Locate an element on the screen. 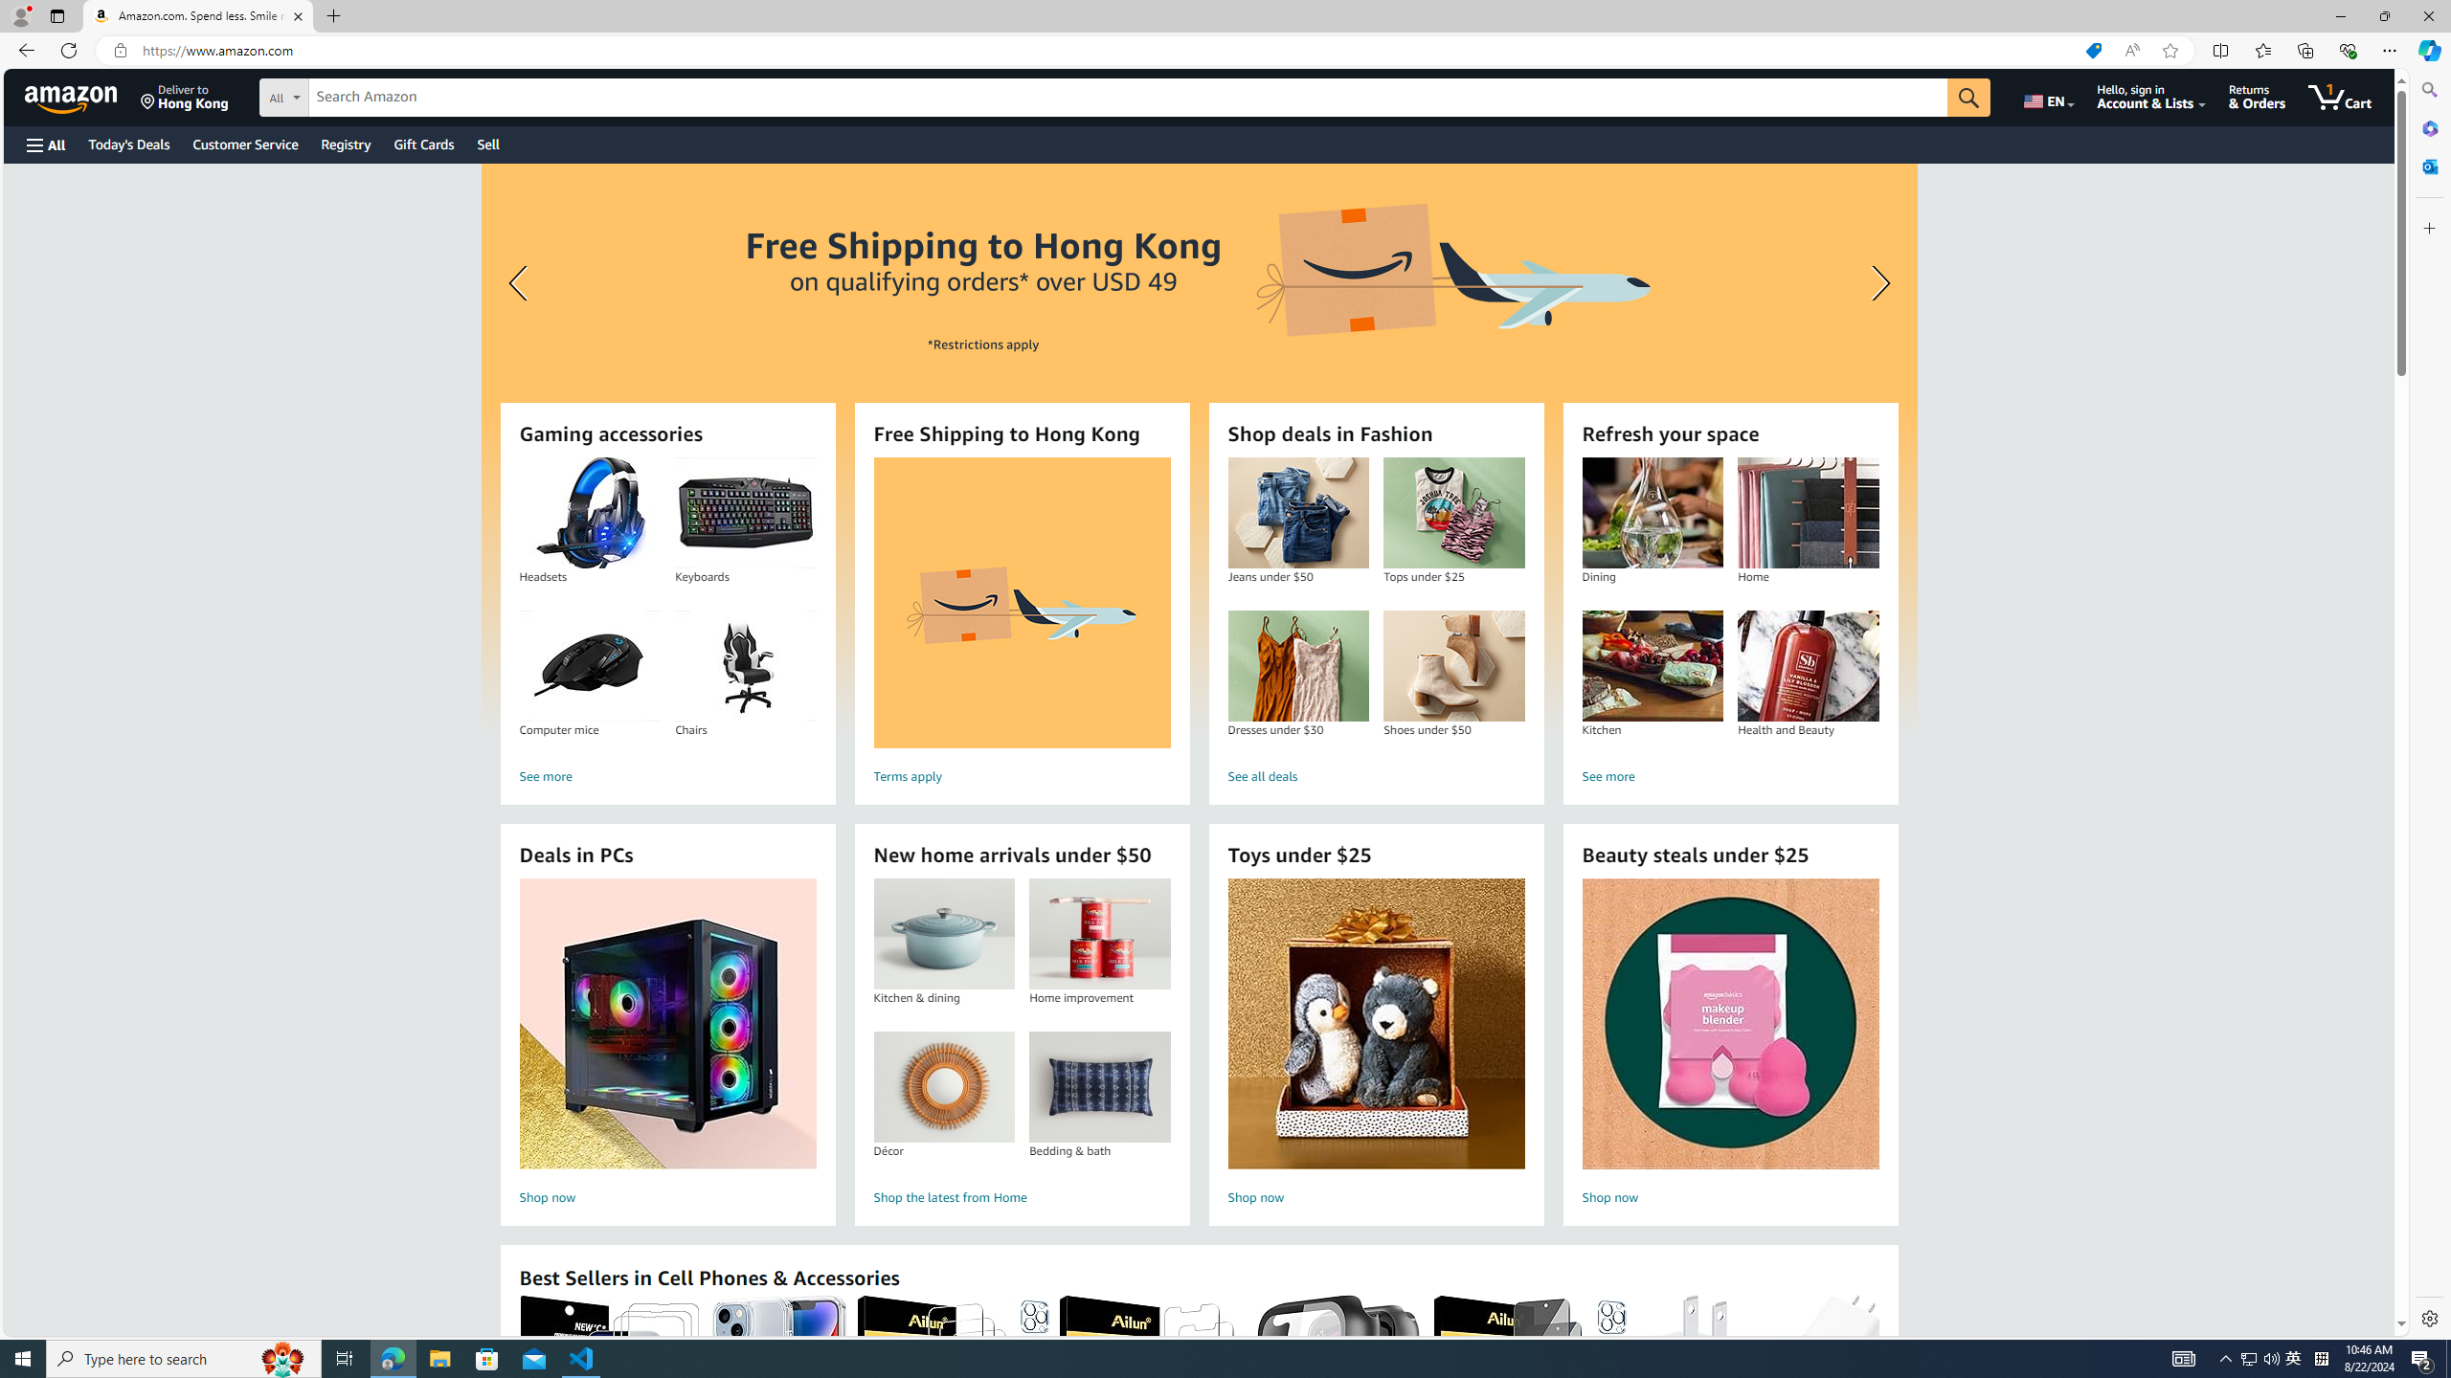 The width and height of the screenshot is (2451, 1378). 'Beauty steals under $25' is located at coordinates (1729, 1023).